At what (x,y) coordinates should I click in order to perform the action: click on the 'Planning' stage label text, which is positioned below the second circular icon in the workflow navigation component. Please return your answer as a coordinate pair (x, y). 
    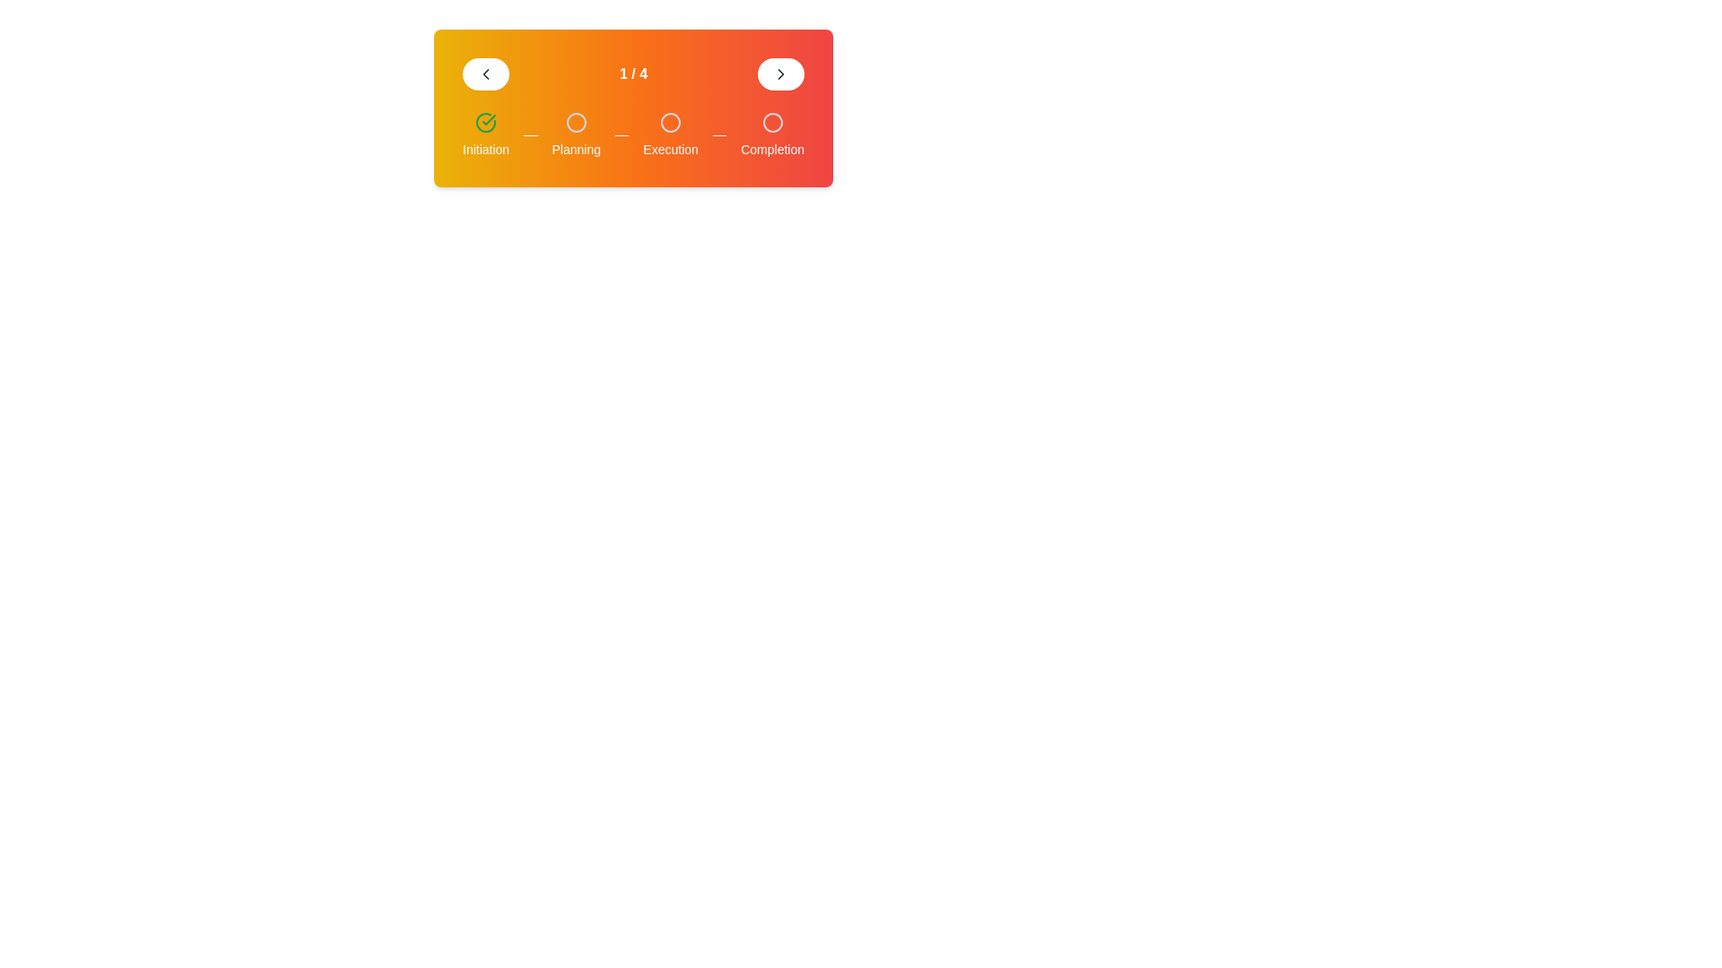
    Looking at the image, I should click on (576, 148).